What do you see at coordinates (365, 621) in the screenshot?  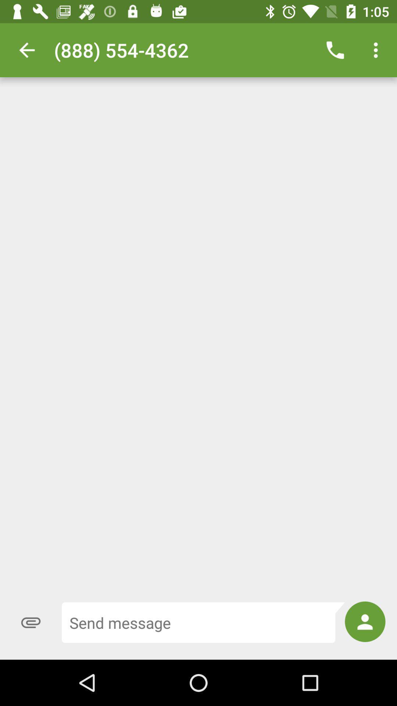 I see `the icon at the bottom right corner` at bounding box center [365, 621].